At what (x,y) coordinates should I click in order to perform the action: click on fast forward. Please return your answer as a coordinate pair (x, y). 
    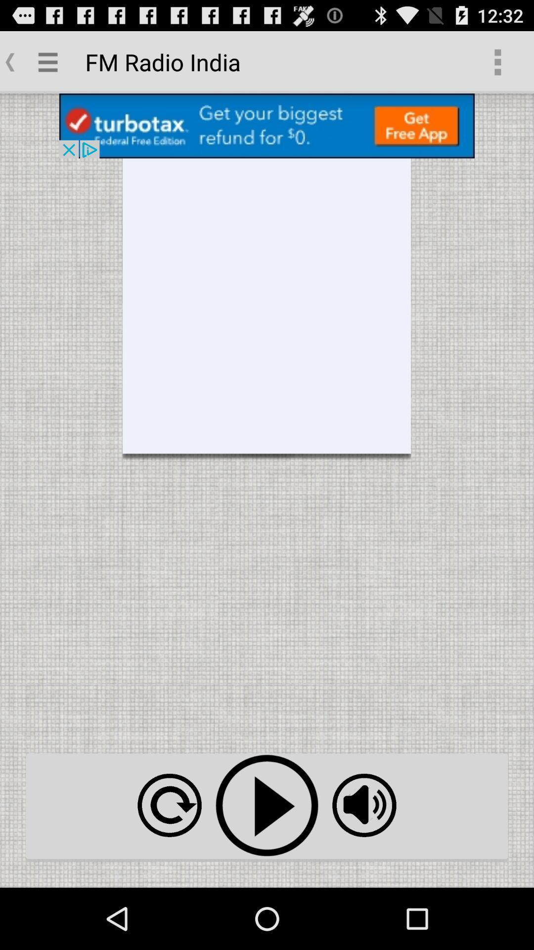
    Looking at the image, I should click on (169, 805).